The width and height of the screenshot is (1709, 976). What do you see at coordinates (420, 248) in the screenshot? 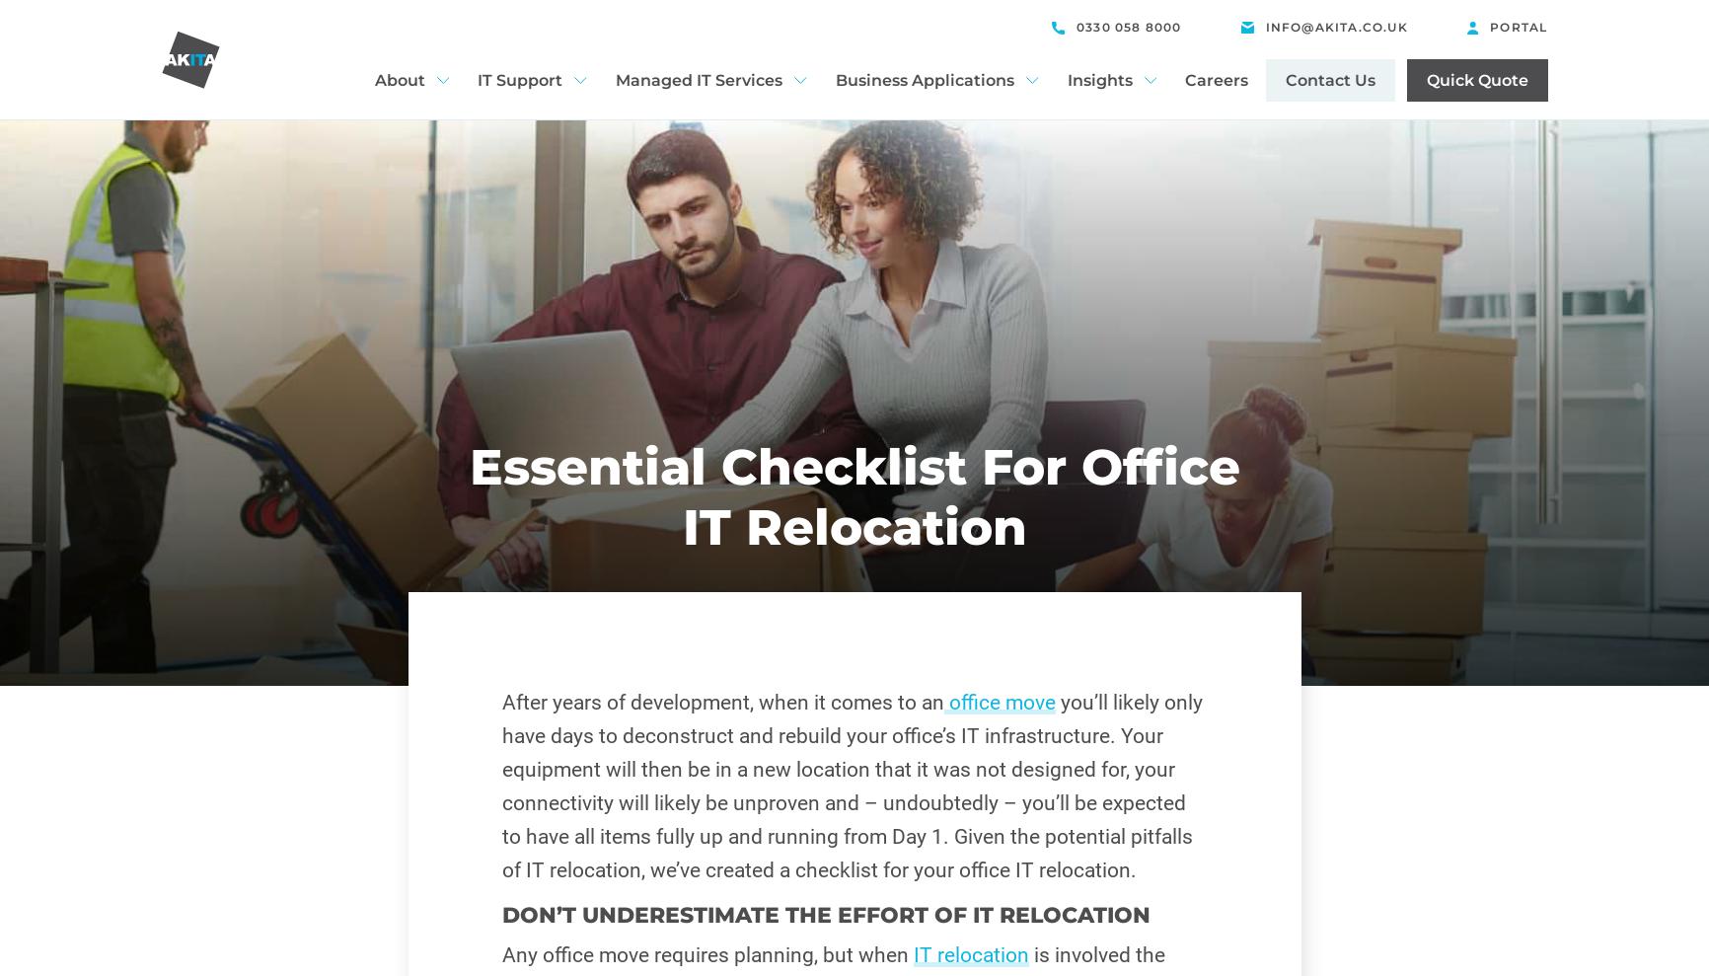
I see `'Leadership'` at bounding box center [420, 248].